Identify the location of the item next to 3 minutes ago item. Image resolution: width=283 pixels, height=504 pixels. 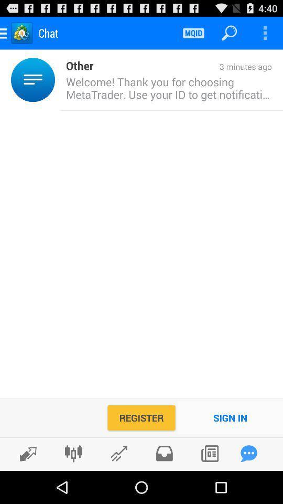
(76, 65).